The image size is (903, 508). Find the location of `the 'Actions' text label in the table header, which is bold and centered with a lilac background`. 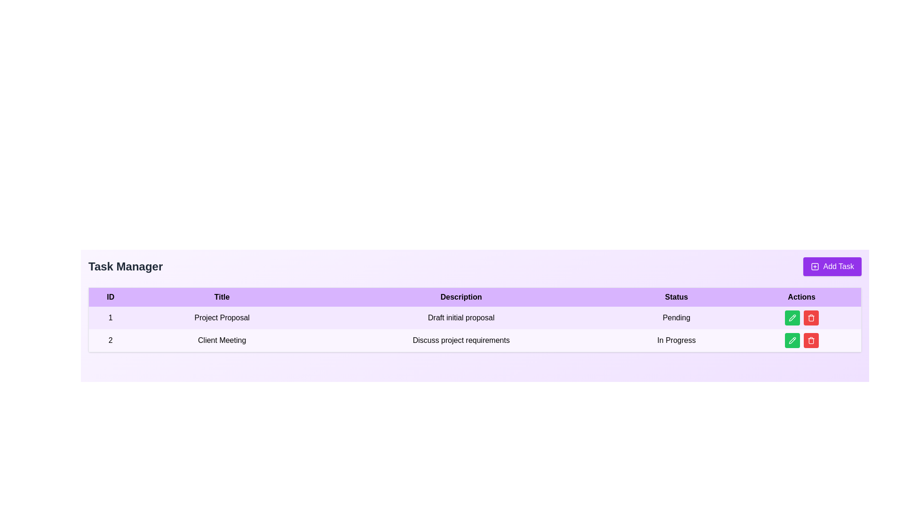

the 'Actions' text label in the table header, which is bold and centered with a lilac background is located at coordinates (801, 297).